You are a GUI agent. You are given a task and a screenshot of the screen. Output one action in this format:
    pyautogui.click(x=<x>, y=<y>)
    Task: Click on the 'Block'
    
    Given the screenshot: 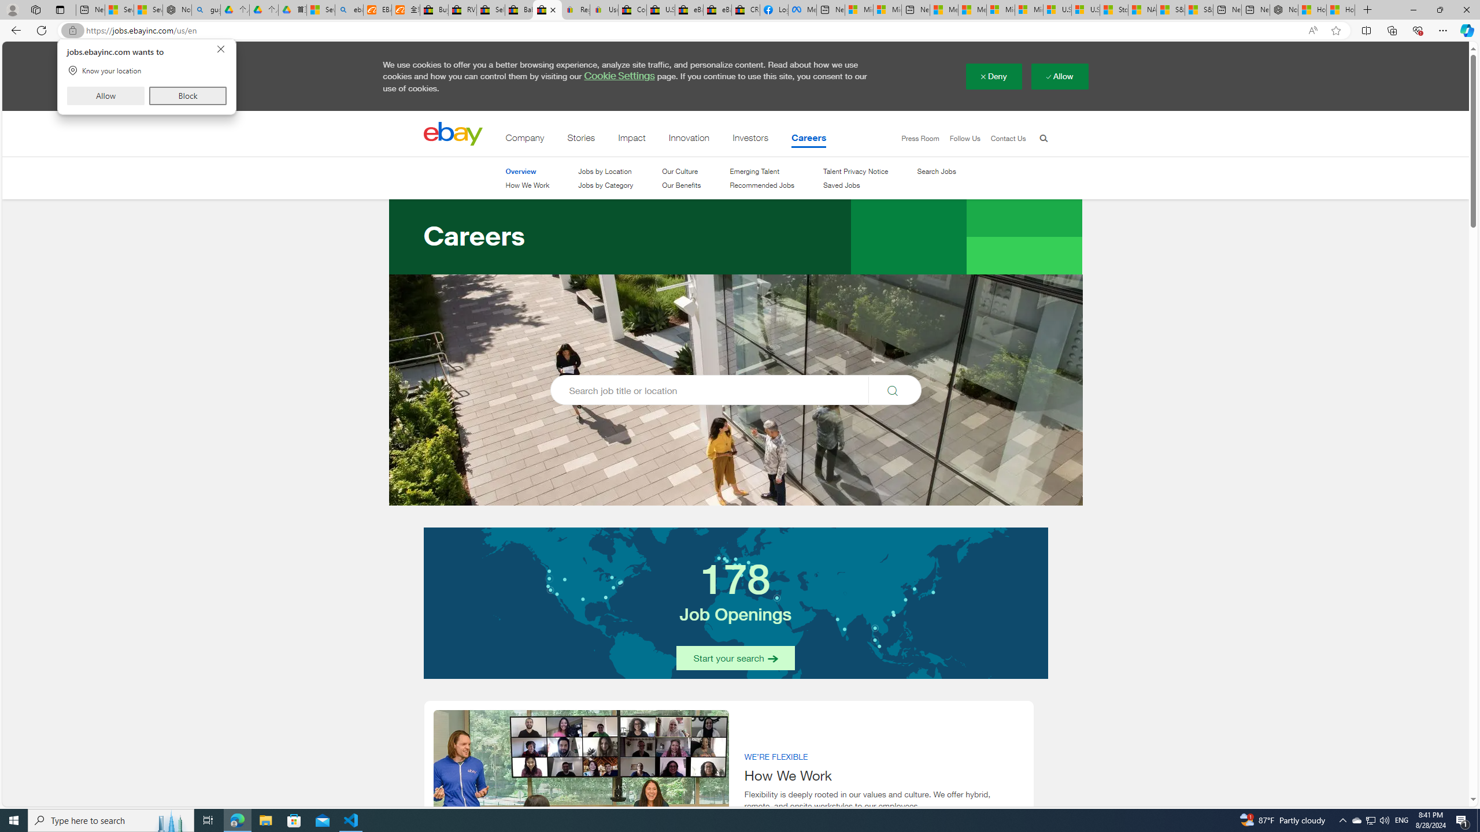 What is the action you would take?
    pyautogui.click(x=188, y=95)
    